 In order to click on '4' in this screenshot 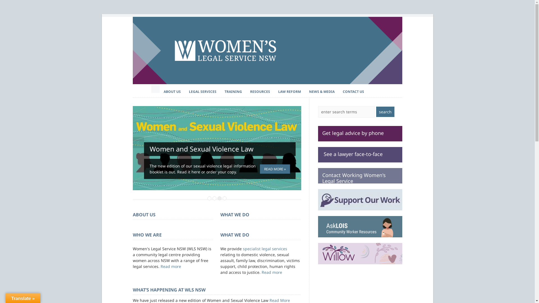, I will do `click(224, 198)`.